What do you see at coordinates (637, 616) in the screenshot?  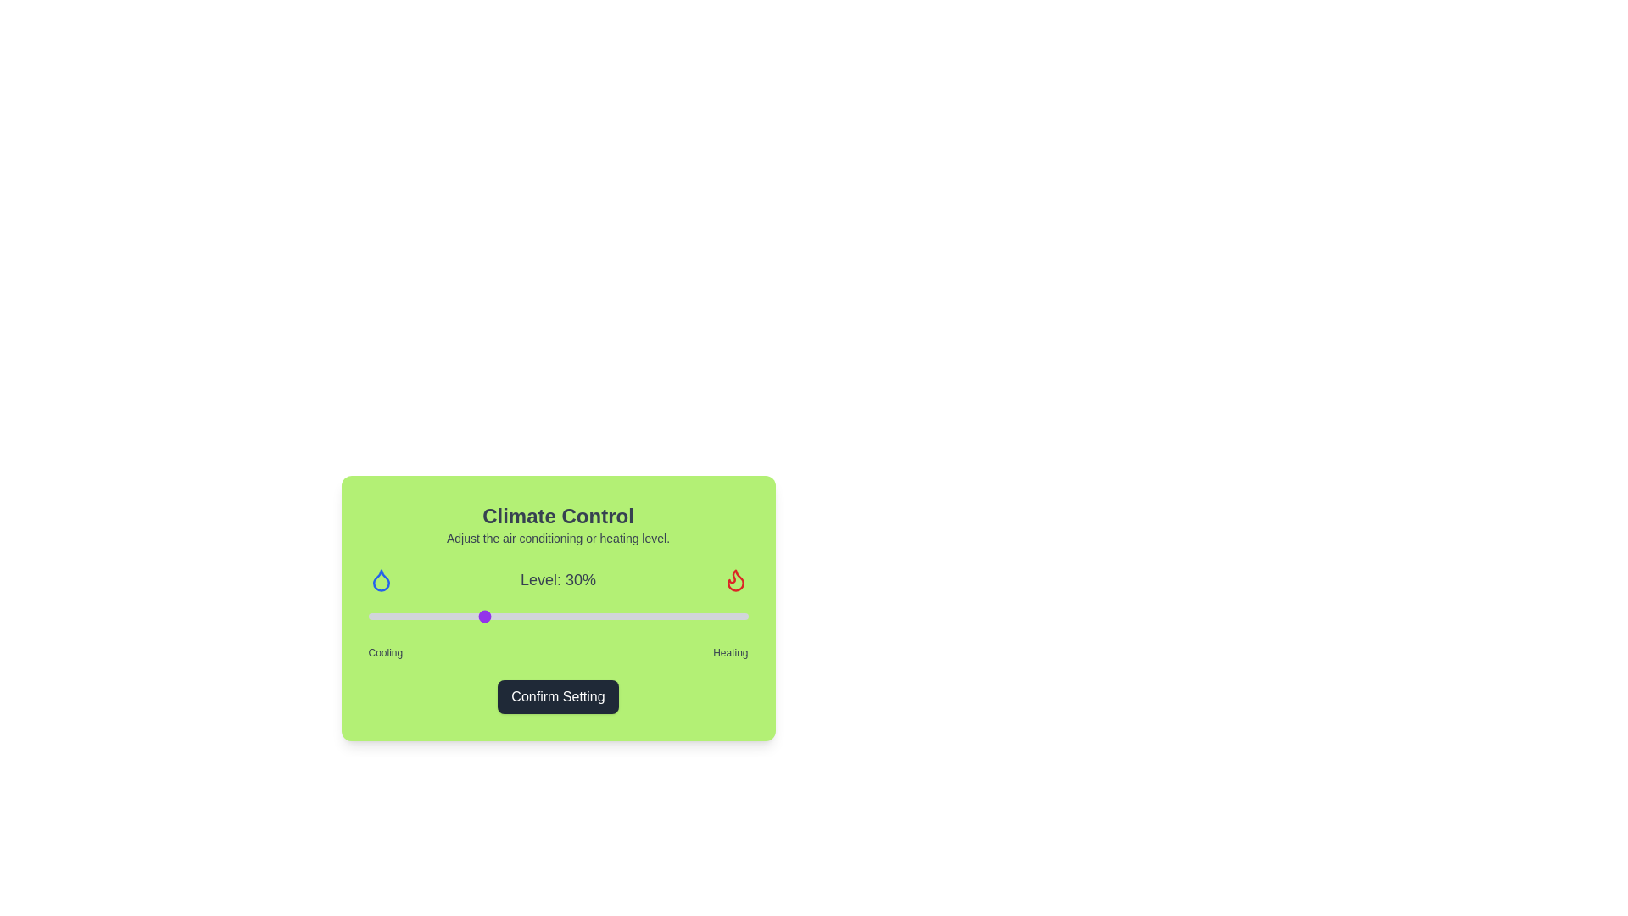 I see `the slider to set the level to 71%` at bounding box center [637, 616].